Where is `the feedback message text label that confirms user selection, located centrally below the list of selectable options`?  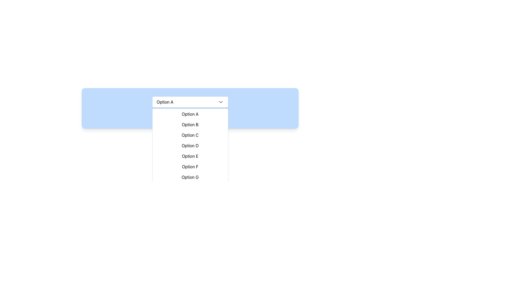 the feedback message text label that confirms user selection, located centrally below the list of selectable options is located at coordinates (190, 116).